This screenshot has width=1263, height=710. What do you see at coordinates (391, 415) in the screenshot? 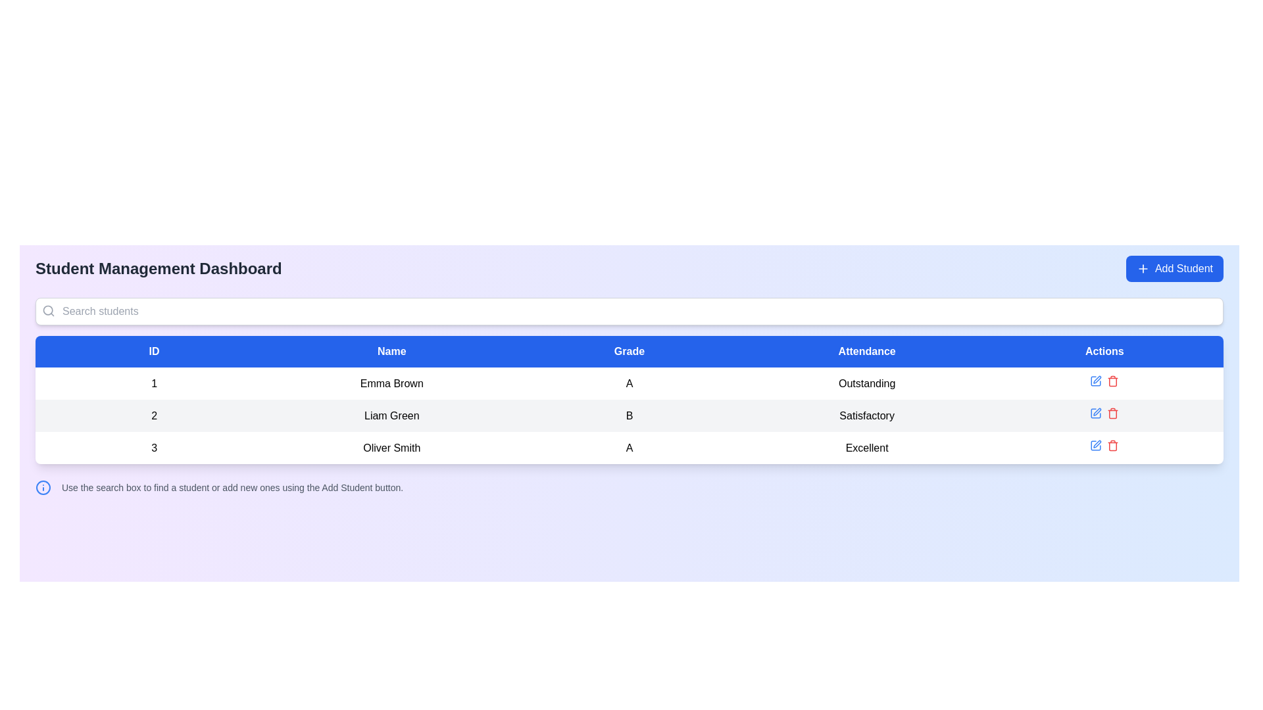
I see `the text label displaying 'Liam Green', which is styled with a gray background and is the second cell in the row labeled '2' under the 'Name' column in the table` at bounding box center [391, 415].